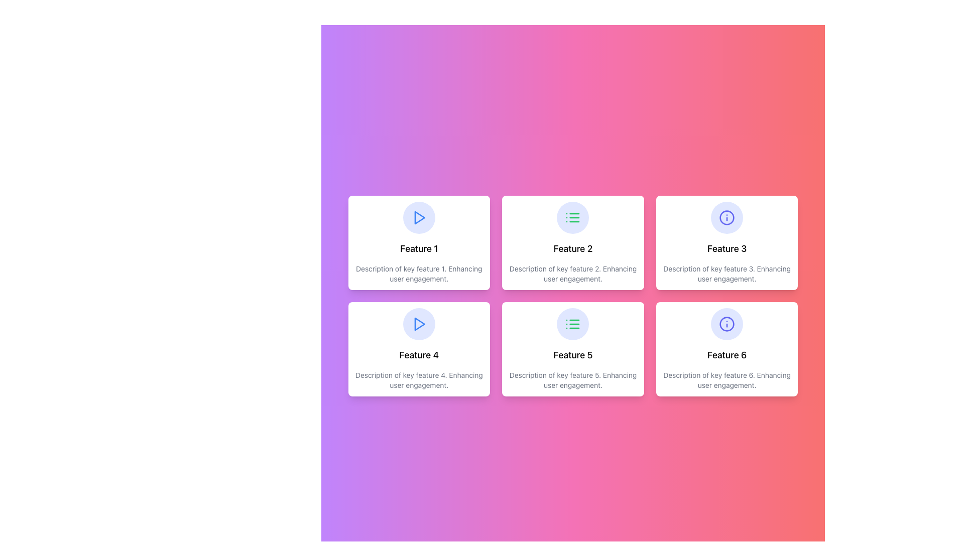 The height and width of the screenshot is (542, 964). I want to click on the 'Feature 5' text element, so click(573, 355).